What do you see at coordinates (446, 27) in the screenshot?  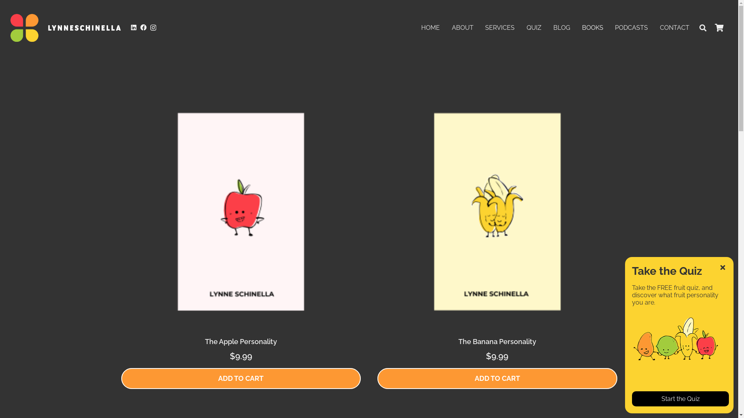 I see `'ABOUT'` at bounding box center [446, 27].